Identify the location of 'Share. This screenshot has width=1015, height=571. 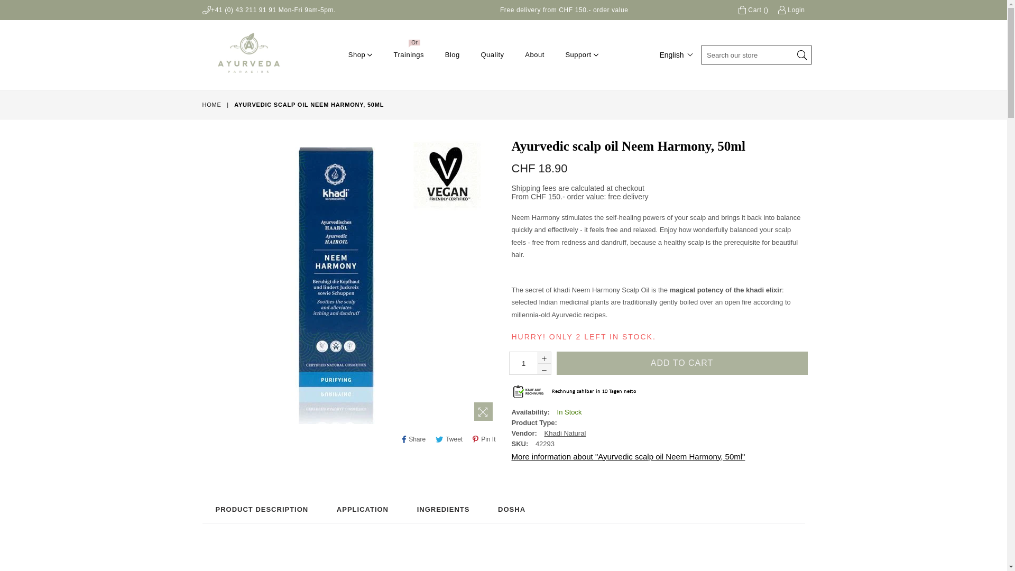
(413, 439).